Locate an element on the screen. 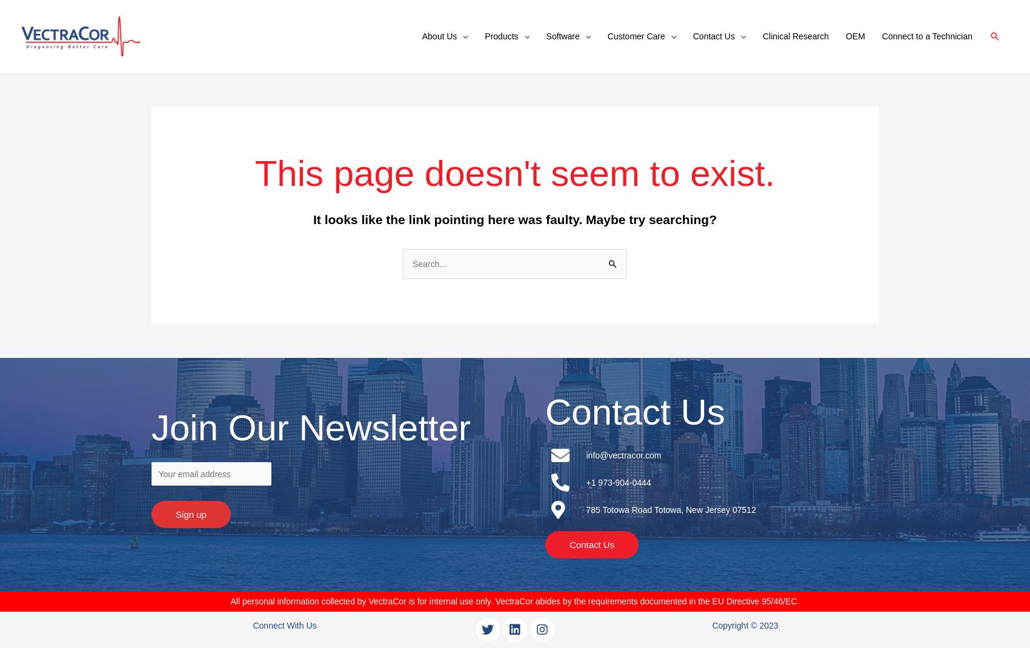 The width and height of the screenshot is (1030, 648). 'Connect to a Technician' is located at coordinates (927, 36).